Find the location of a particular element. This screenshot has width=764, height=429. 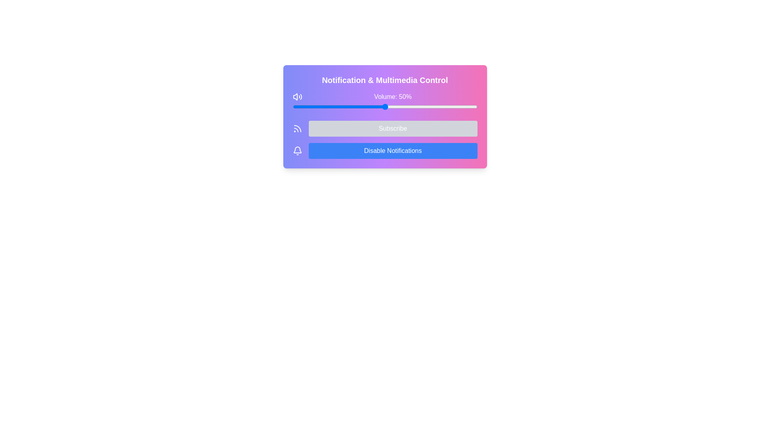

the volume slider is located at coordinates (401, 106).